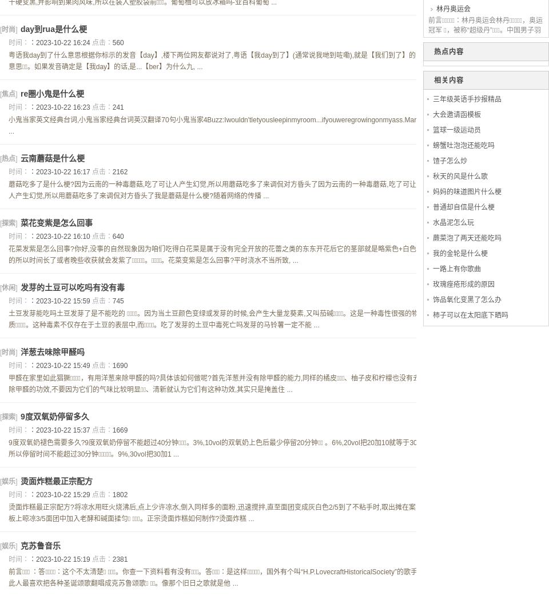 This screenshot has height=596, width=549. Describe the element at coordinates (118, 42) in the screenshot. I see `'560'` at that location.